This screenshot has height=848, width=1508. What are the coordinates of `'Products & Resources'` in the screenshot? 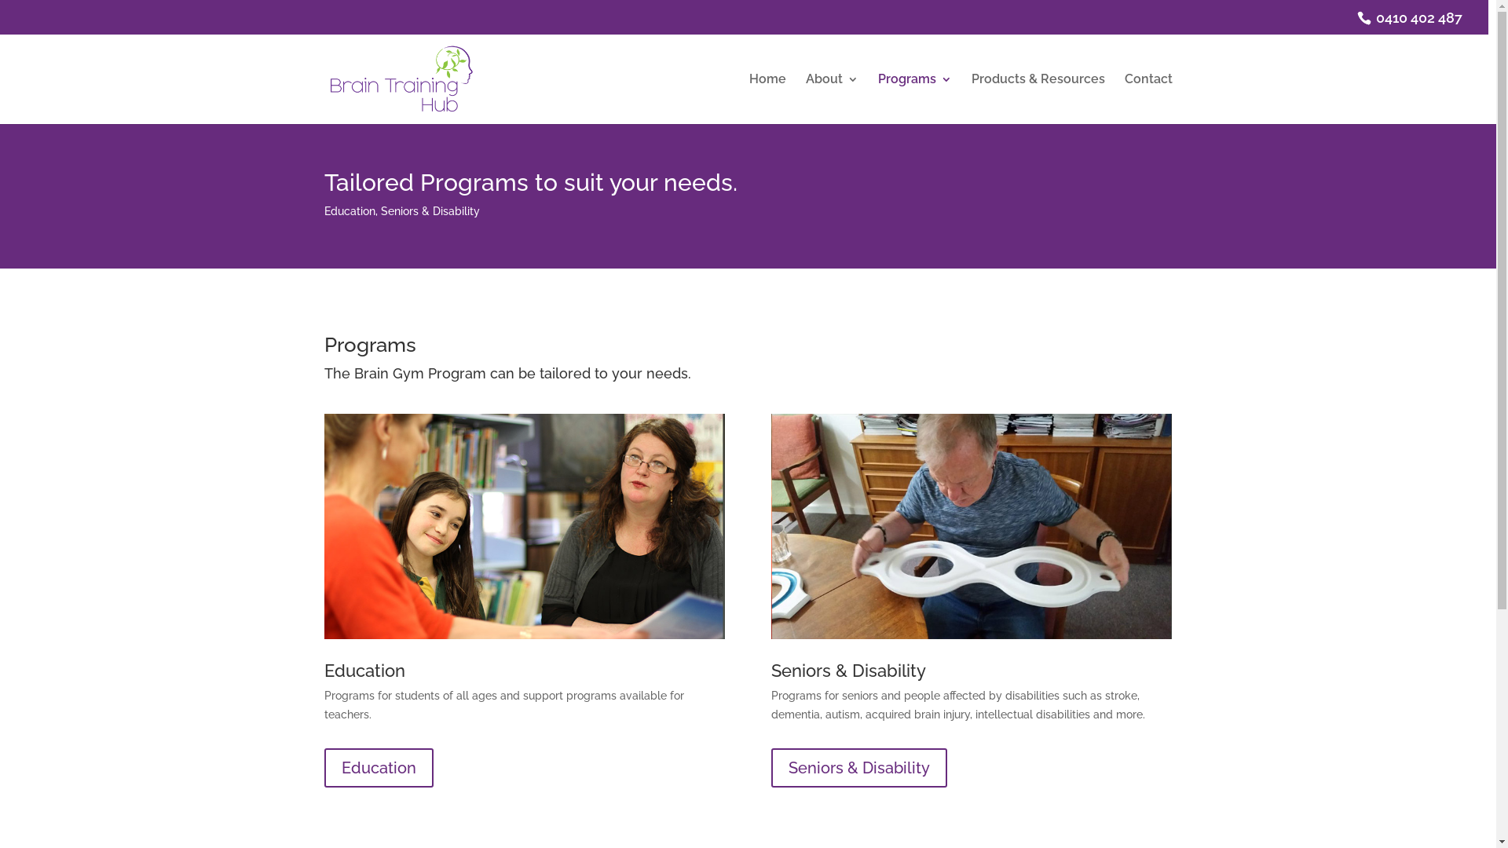 It's located at (1037, 99).